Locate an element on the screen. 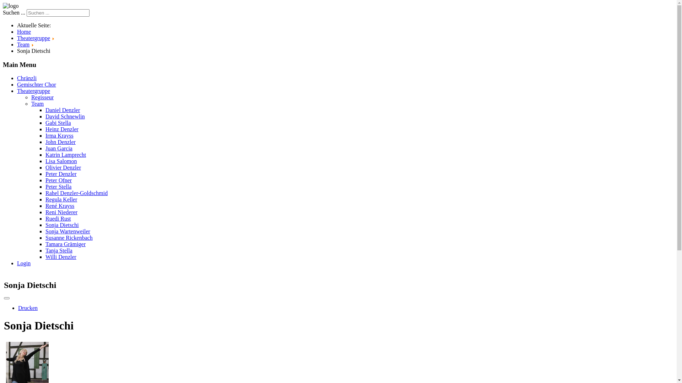 Image resolution: width=682 pixels, height=383 pixels. 'Rahel Denzler-Goldschmid' is located at coordinates (76, 193).